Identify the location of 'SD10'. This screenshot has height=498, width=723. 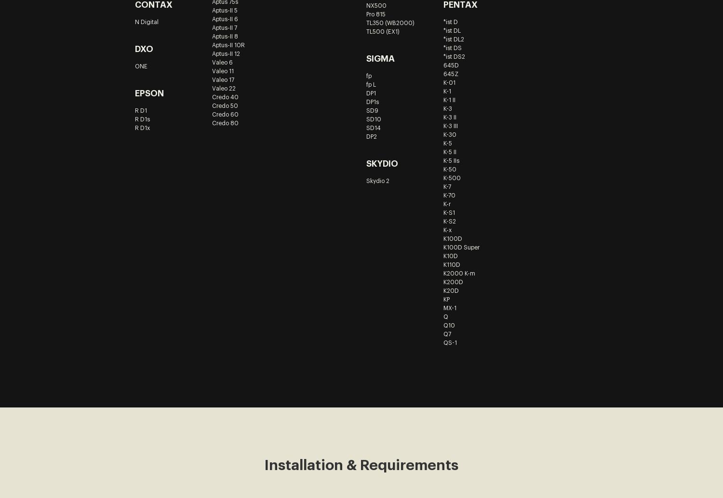
(373, 119).